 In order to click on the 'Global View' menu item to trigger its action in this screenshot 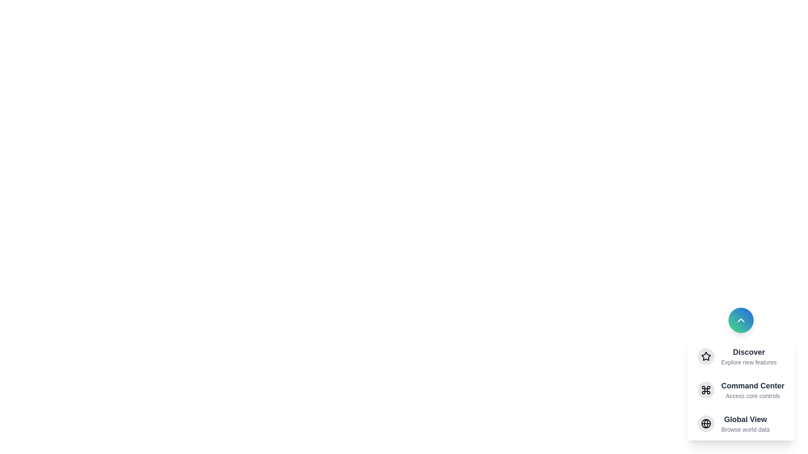, I will do `click(741, 423)`.